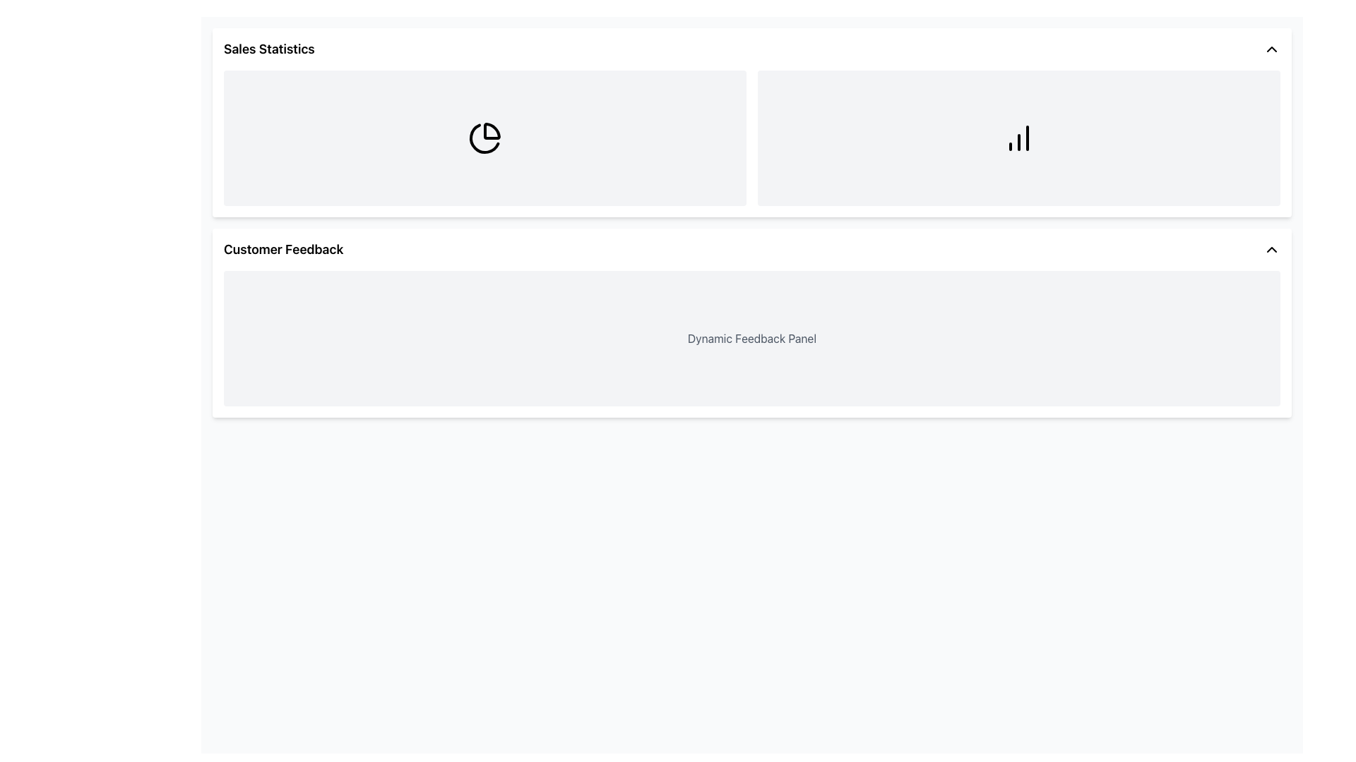 The image size is (1356, 762). Describe the element at coordinates (1271, 48) in the screenshot. I see `the toggle button located at the far-right edge of the 'Sales Statistics' section` at that location.